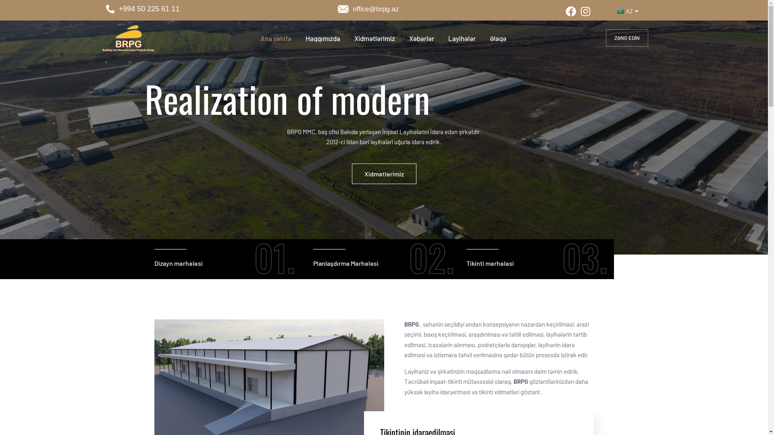  I want to click on '+994 50 225 61 11', so click(105, 9).